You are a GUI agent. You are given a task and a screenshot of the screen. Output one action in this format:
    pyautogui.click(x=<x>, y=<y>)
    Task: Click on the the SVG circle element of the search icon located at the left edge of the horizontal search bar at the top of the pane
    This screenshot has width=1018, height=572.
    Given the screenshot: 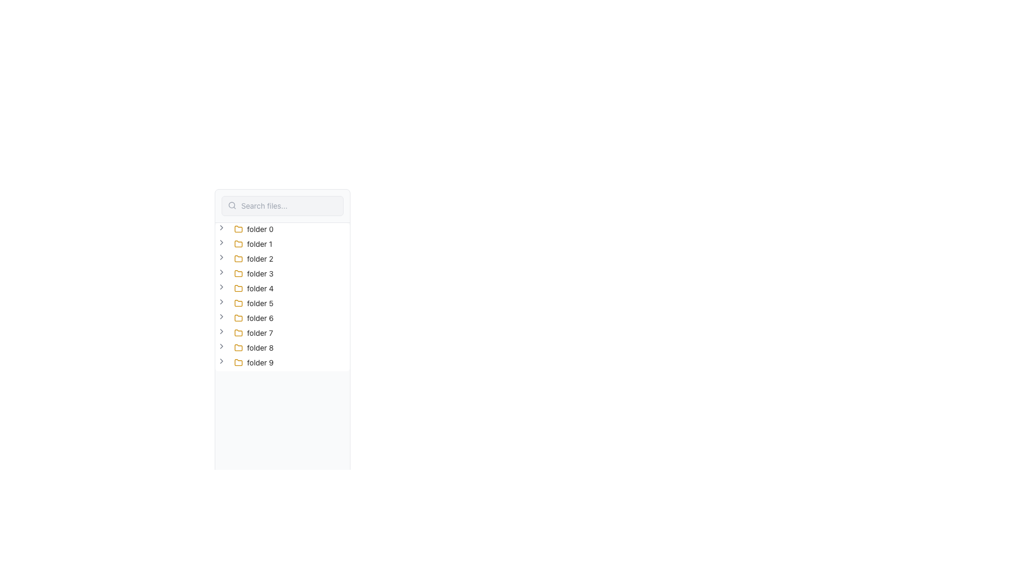 What is the action you would take?
    pyautogui.click(x=231, y=205)
    